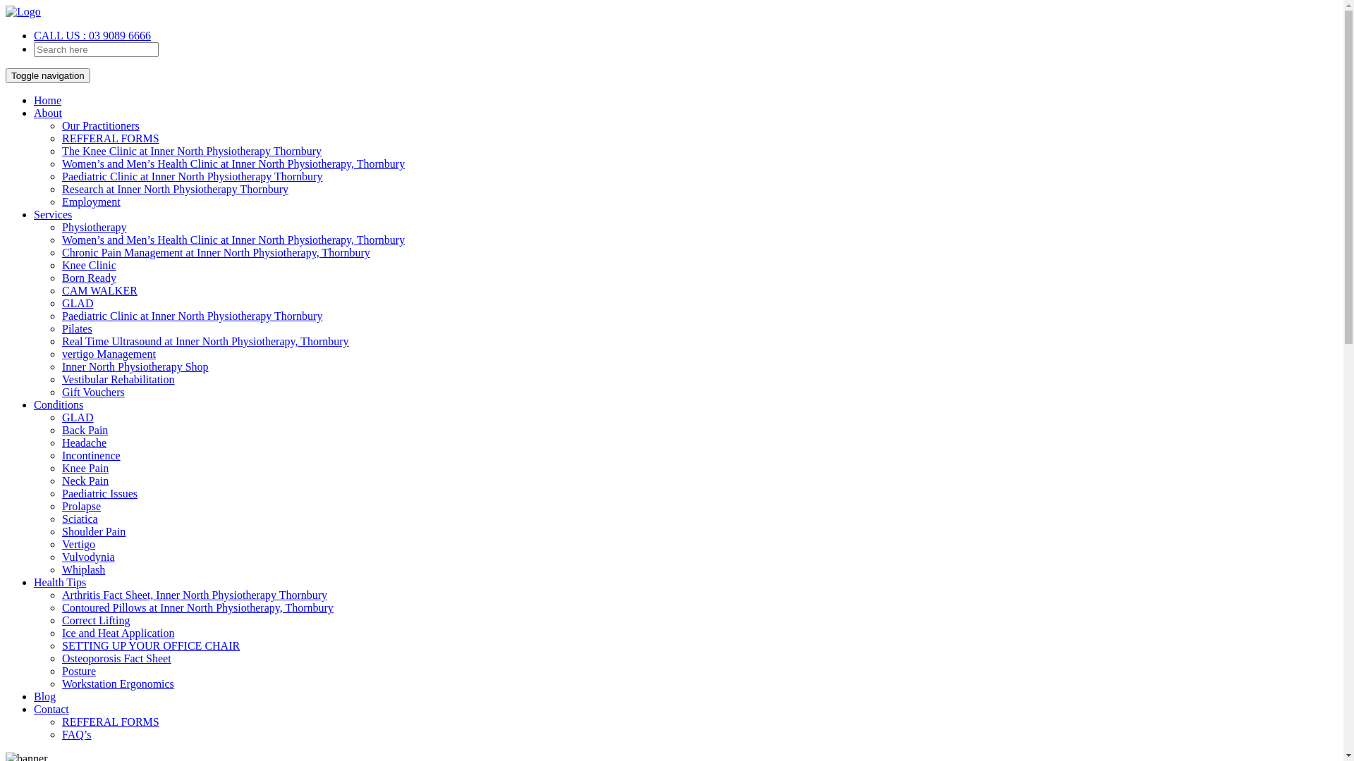  I want to click on 'Shoulder Pain', so click(61, 531).